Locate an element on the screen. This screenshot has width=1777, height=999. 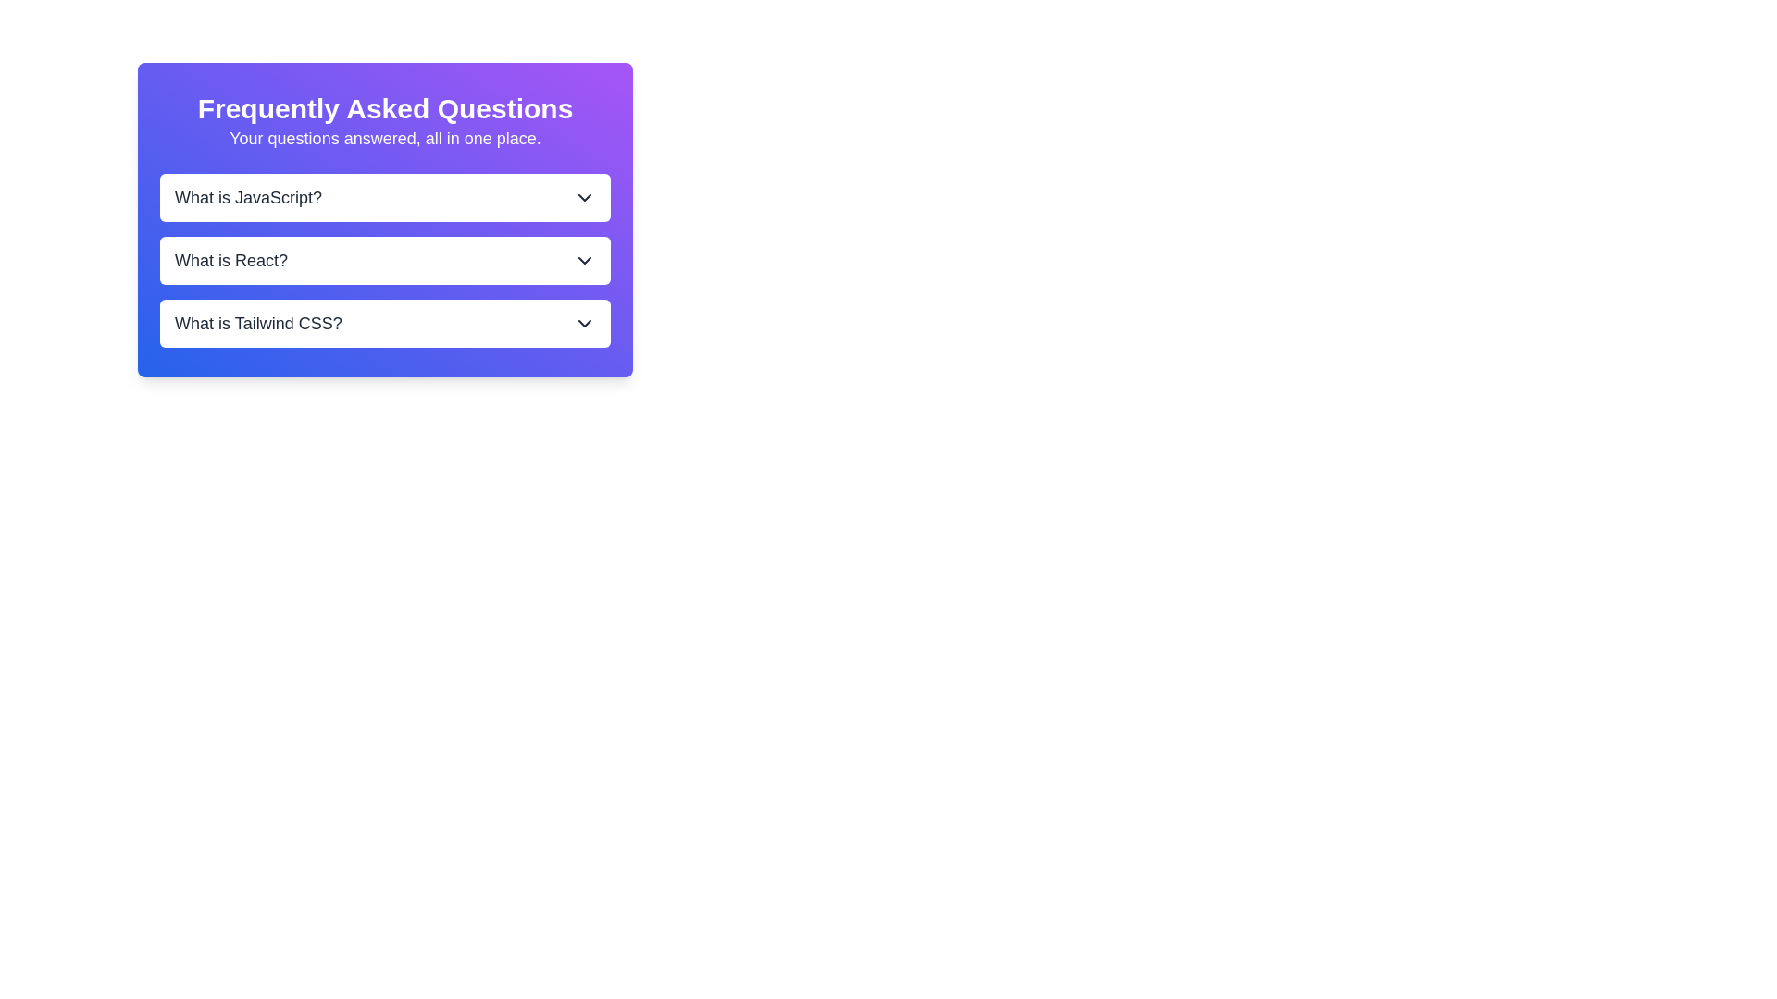
text from the 'Frequently Asked Questions' text block, which features a large bold title and a smaller subtitle, centrally aligned within a gradient rectangular area is located at coordinates (384, 121).